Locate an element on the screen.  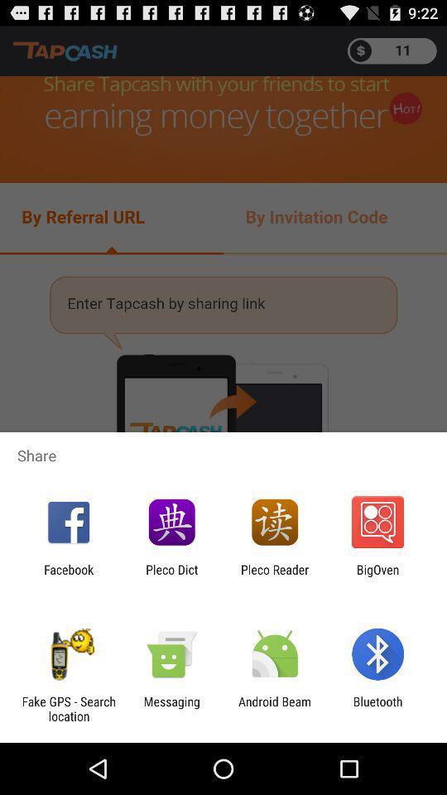
the app next to the messaging icon is located at coordinates (275, 708).